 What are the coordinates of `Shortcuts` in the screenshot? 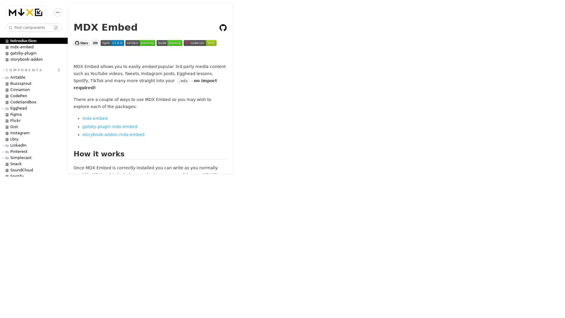 It's located at (58, 12).